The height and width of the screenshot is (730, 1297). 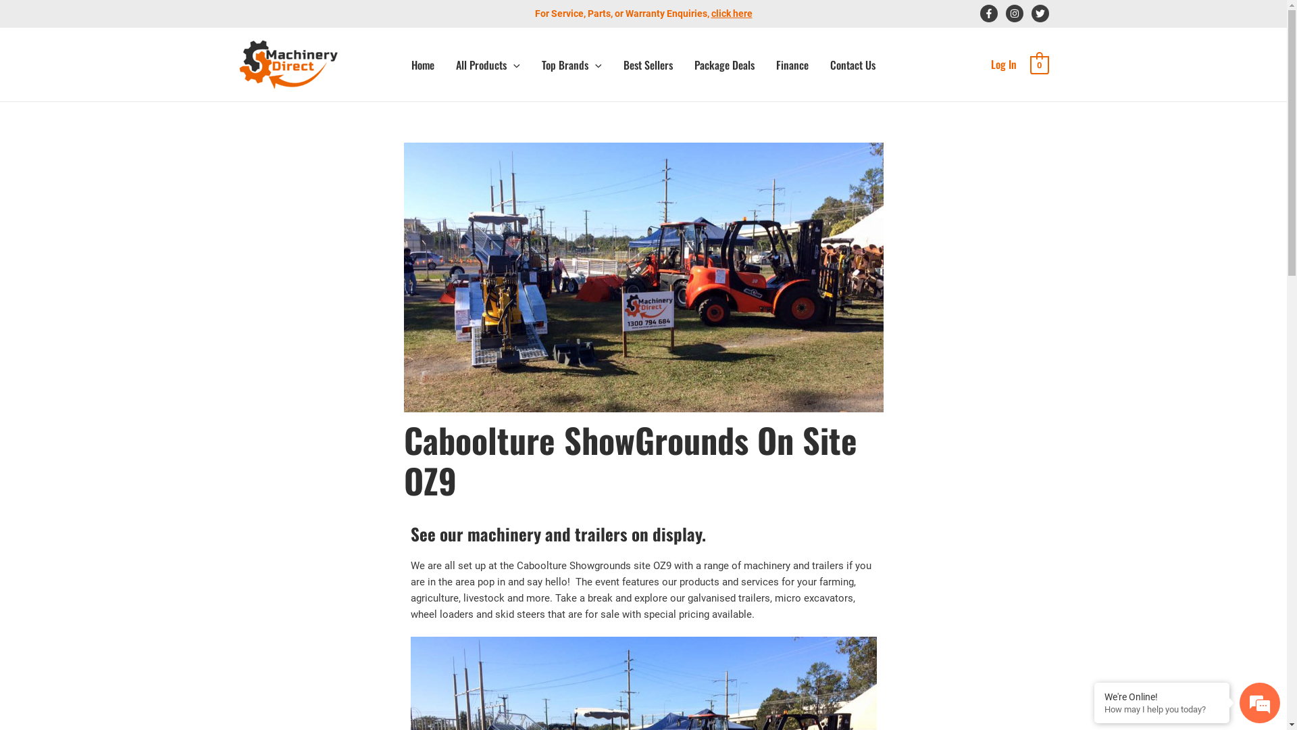 I want to click on 'For Service, Parts, or Warranty Enquiries, click here', so click(x=643, y=13).